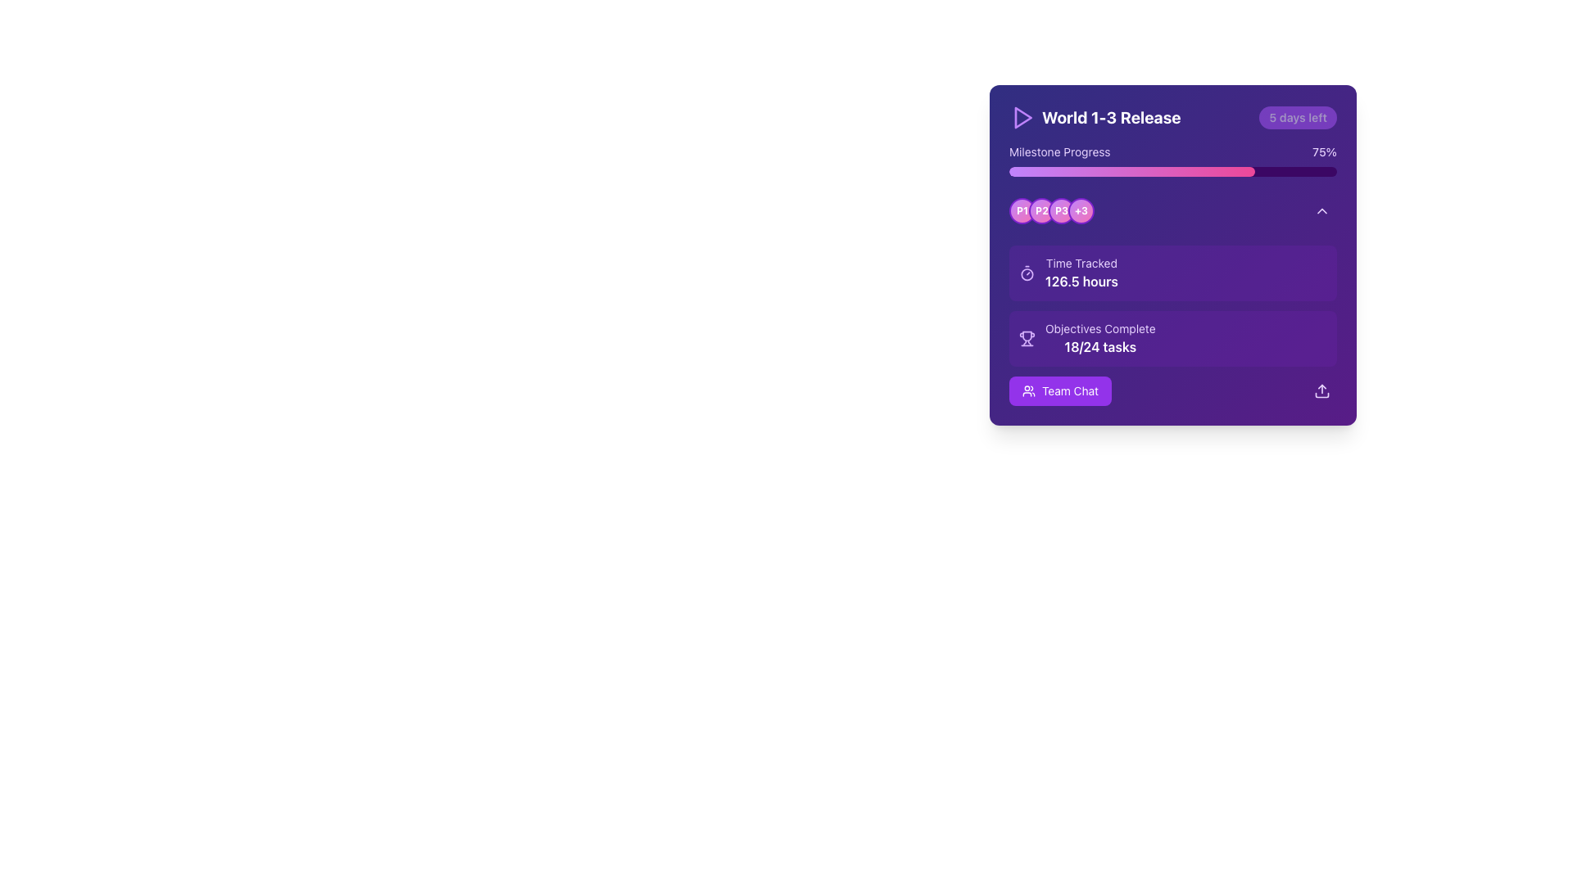 This screenshot has height=884, width=1573. What do you see at coordinates (1051, 210) in the screenshot?
I see `the visual indicator representing a group of users, which is located in the top center of the purple panel` at bounding box center [1051, 210].